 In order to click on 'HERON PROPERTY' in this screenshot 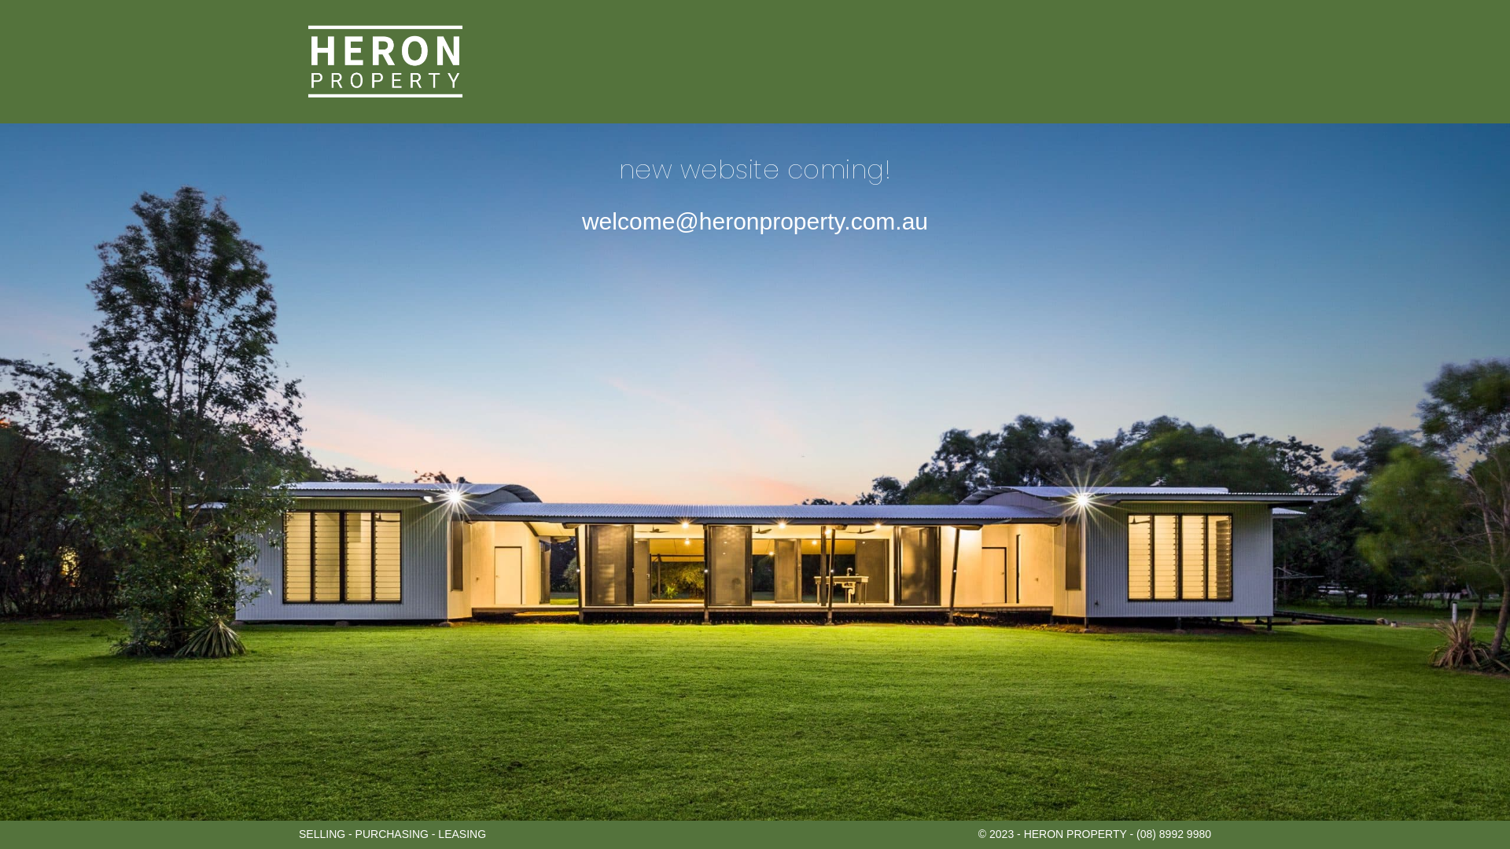, I will do `click(385, 61)`.